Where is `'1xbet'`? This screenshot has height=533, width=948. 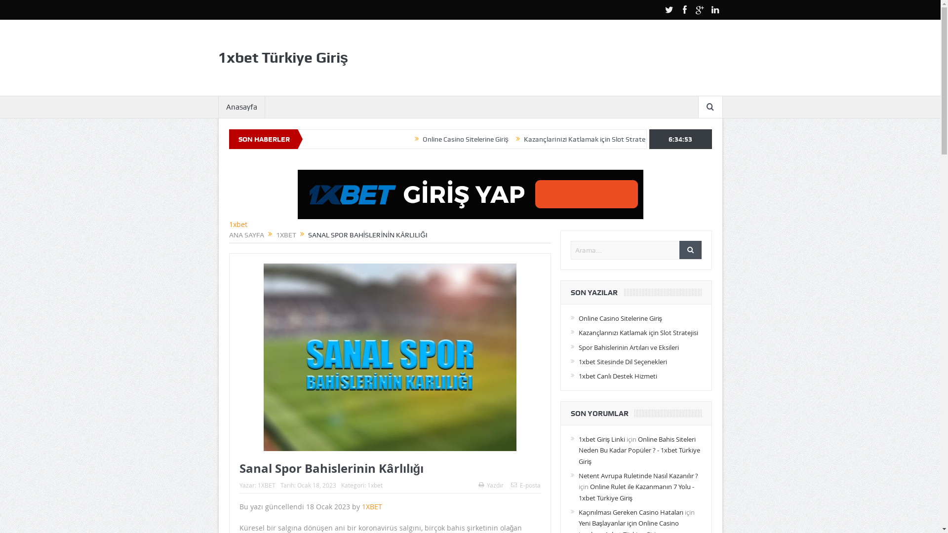 '1xbet' is located at coordinates (238, 224).